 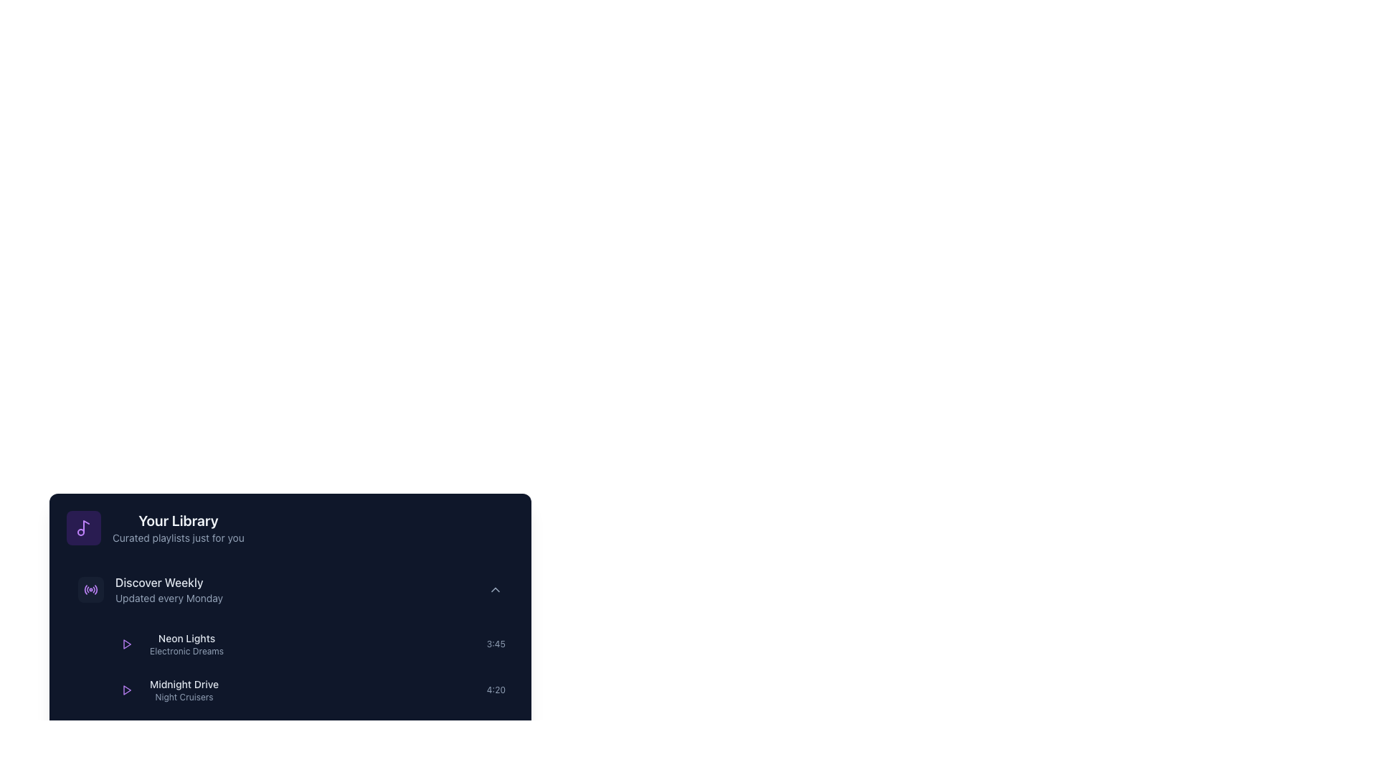 I want to click on the Text label displaying 'Neon Lights' and 'Electronic Dreams' located in the 'Your Library' section, positioned below 'Discover Weekly', so click(x=186, y=644).